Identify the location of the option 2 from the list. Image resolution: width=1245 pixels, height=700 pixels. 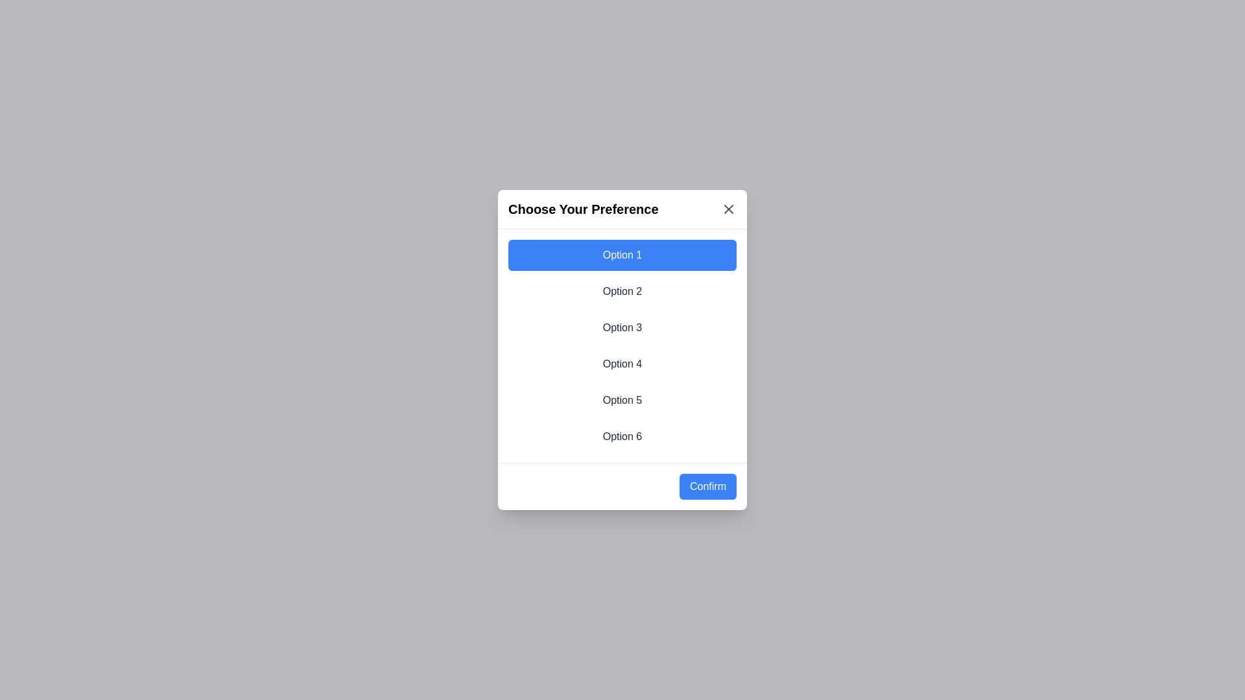
(622, 292).